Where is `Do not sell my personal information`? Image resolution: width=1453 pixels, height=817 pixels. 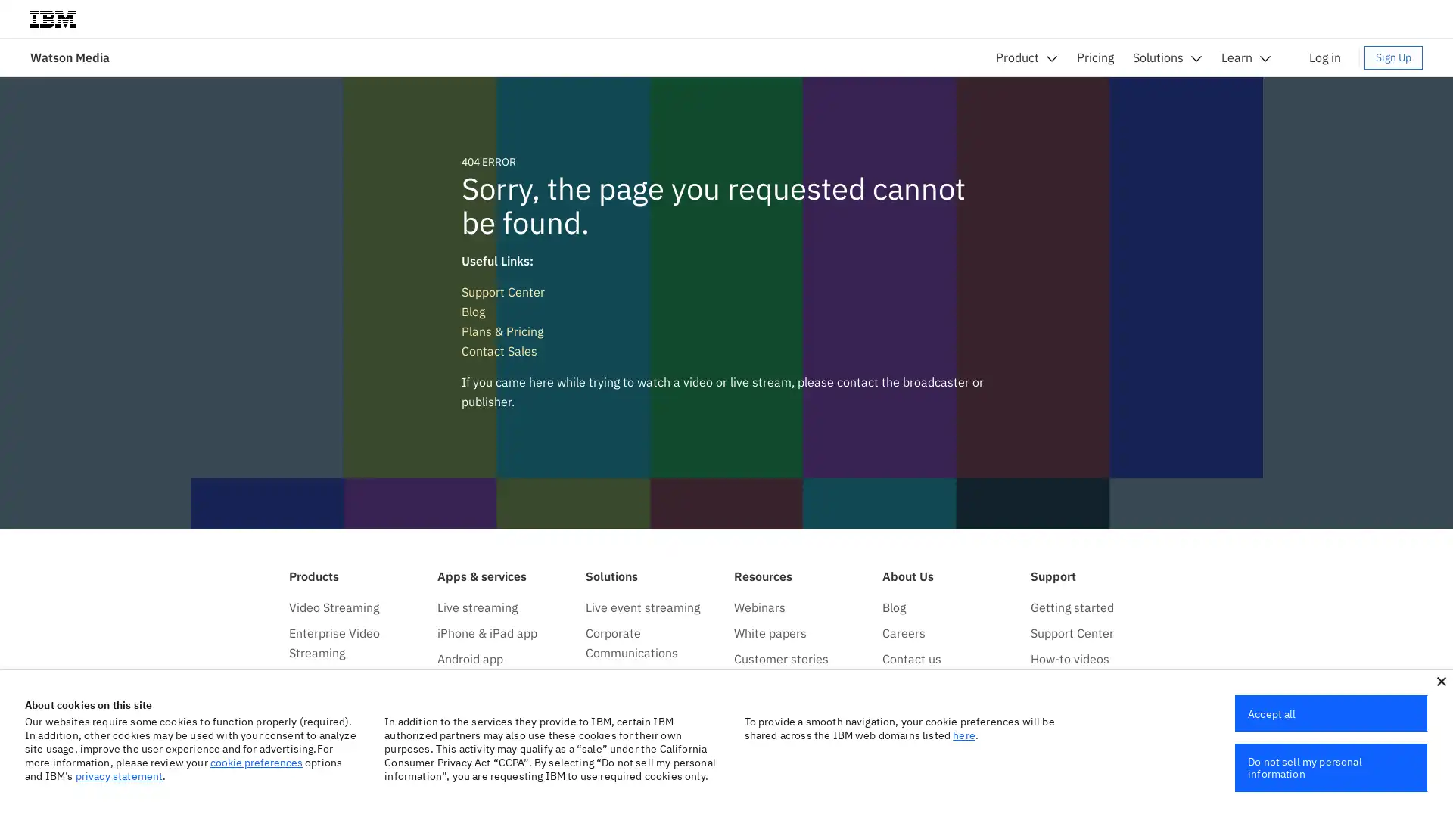
Do not sell my personal information is located at coordinates (1330, 767).